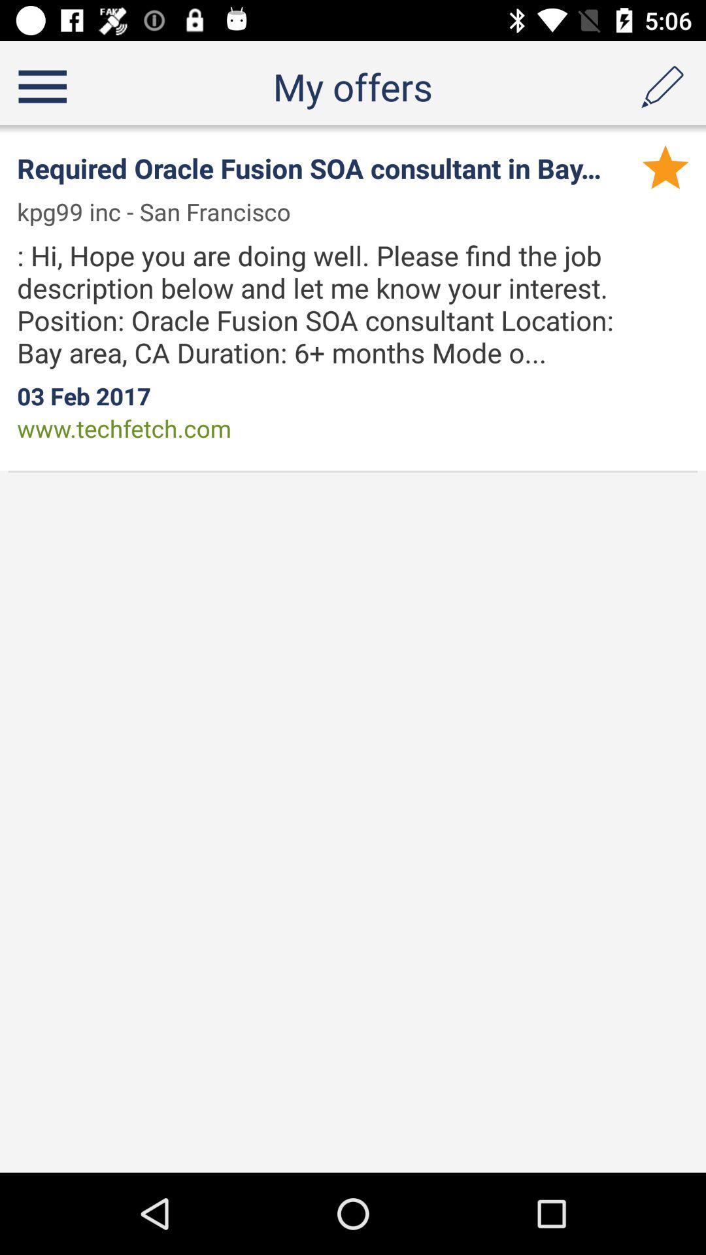 The height and width of the screenshot is (1255, 706). What do you see at coordinates (665, 166) in the screenshot?
I see `item below the a` at bounding box center [665, 166].